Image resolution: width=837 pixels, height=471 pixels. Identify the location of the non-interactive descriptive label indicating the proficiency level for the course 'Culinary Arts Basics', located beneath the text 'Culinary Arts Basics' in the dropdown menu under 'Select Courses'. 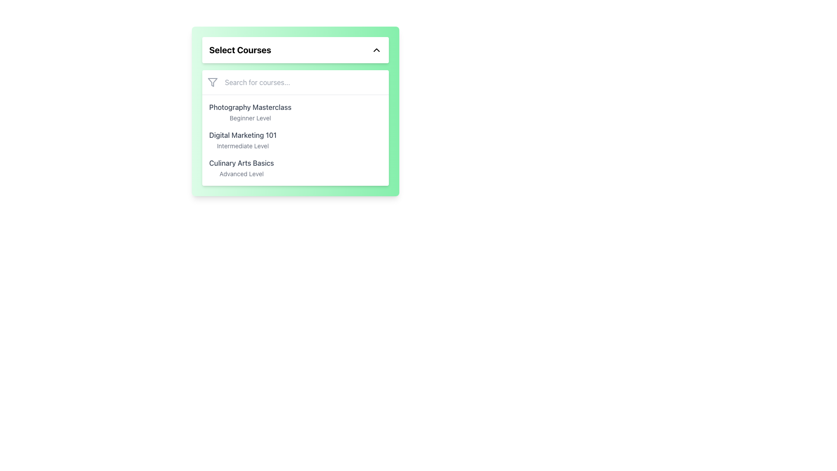
(242, 174).